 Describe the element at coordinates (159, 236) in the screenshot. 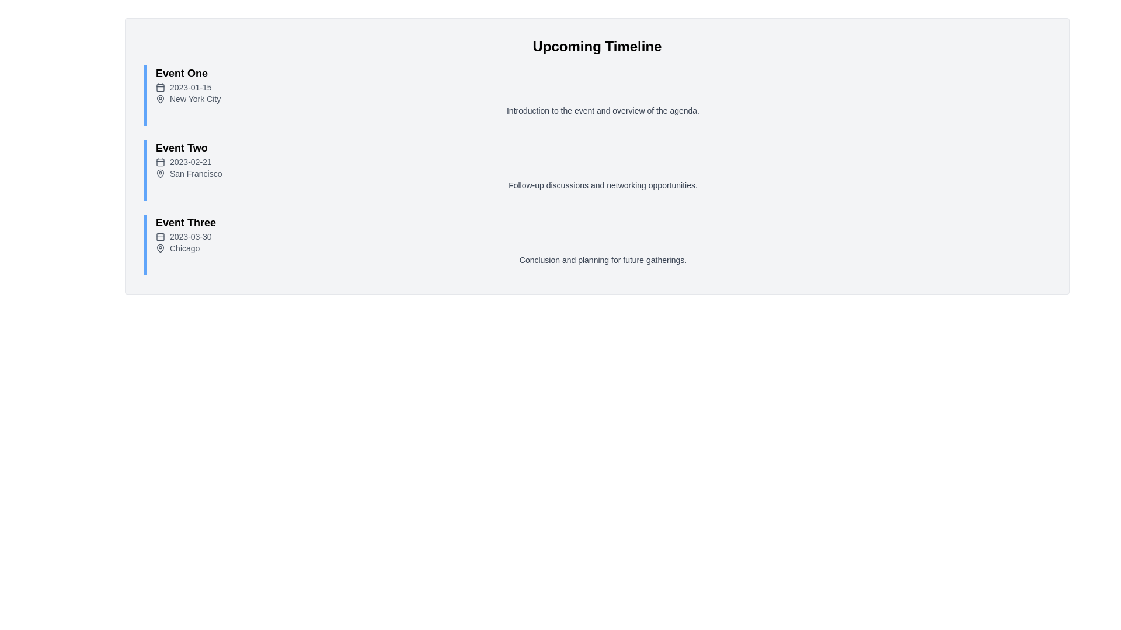

I see `the calendar icon graphic located next to the text '2023-03-30' under the 'Event Three' section in the 'Upcoming Timeline' list` at that location.